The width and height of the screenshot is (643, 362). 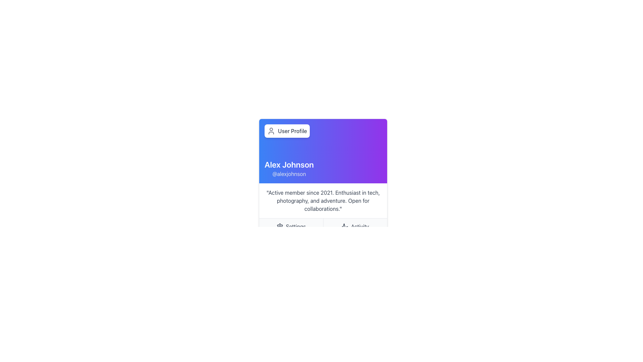 I want to click on the monochromatic SVG icon representing a stylized waveform, located to the right of the word 'Activity' in the profile description section, so click(x=345, y=226).